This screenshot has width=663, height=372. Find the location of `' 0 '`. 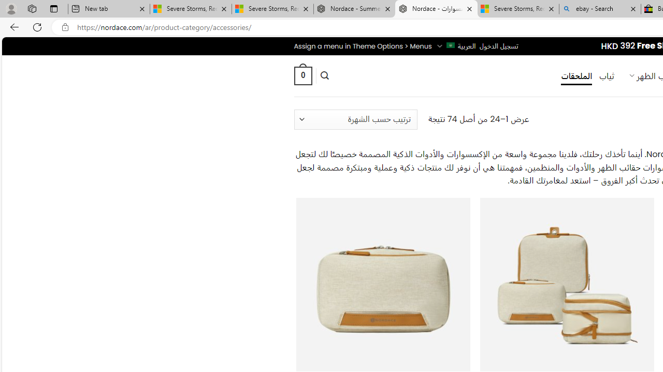

' 0 ' is located at coordinates (302, 75).